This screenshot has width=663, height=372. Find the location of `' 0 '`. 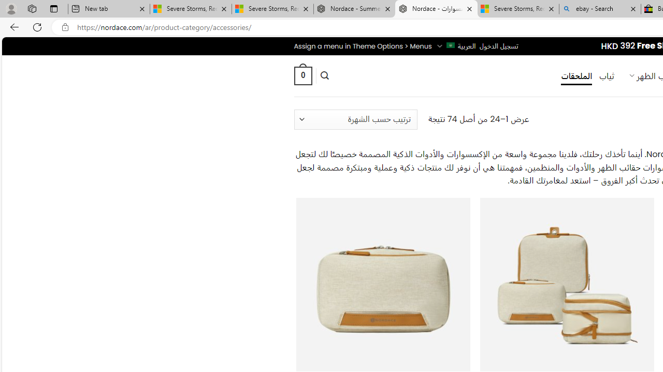

' 0 ' is located at coordinates (302, 75).